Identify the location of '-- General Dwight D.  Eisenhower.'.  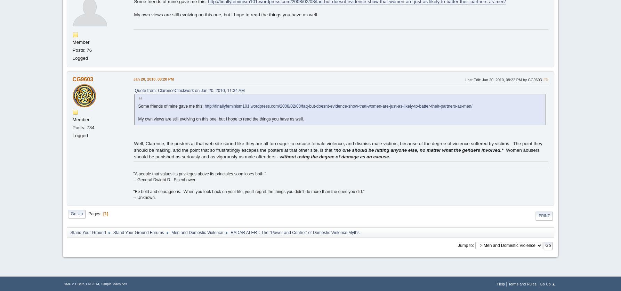
(165, 180).